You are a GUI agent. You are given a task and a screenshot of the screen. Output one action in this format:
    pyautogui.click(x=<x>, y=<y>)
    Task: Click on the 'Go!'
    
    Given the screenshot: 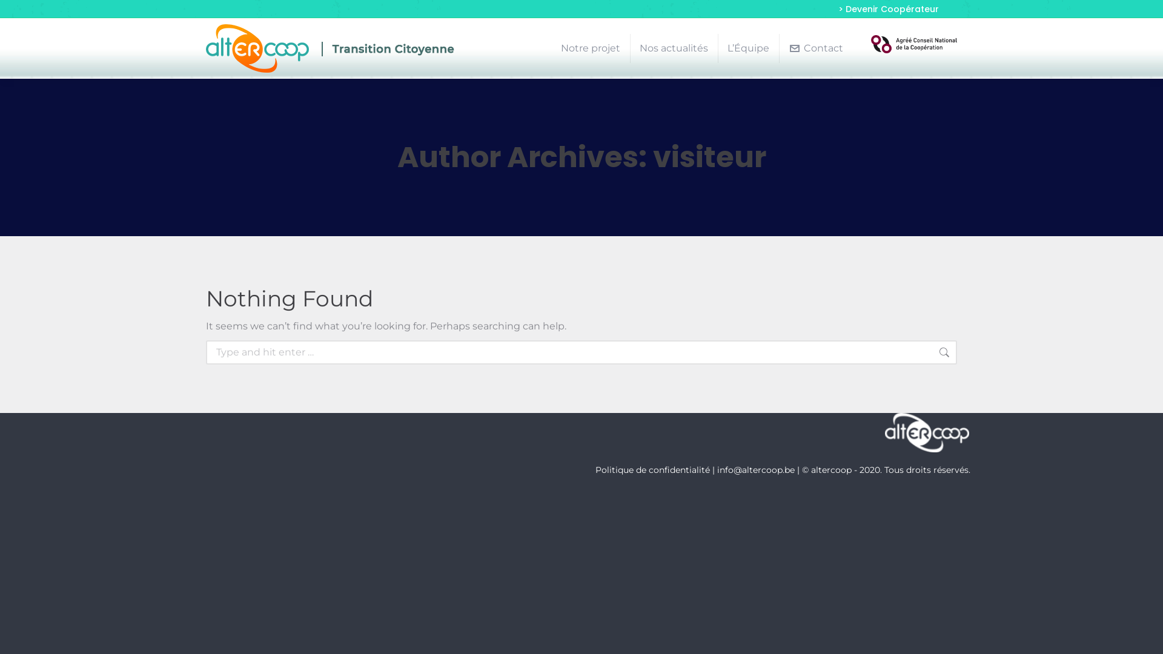 What is the action you would take?
    pyautogui.click(x=981, y=354)
    